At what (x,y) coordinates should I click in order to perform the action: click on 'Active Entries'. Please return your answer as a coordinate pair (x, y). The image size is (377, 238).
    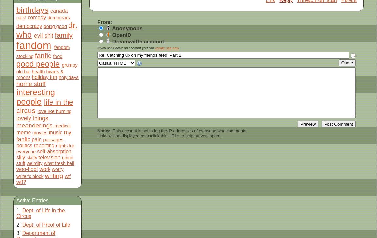
    Looking at the image, I should click on (31, 200).